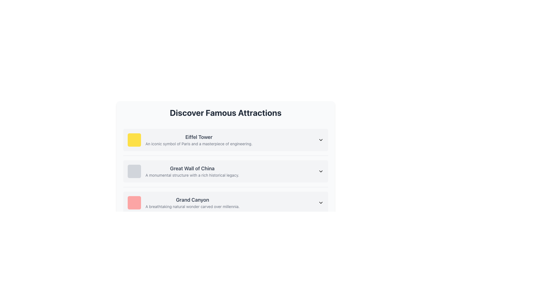 The height and width of the screenshot is (300, 533). I want to click on the Dropdown indicator icon located at the far right of the 'Great Wall of China' card, so click(321, 171).